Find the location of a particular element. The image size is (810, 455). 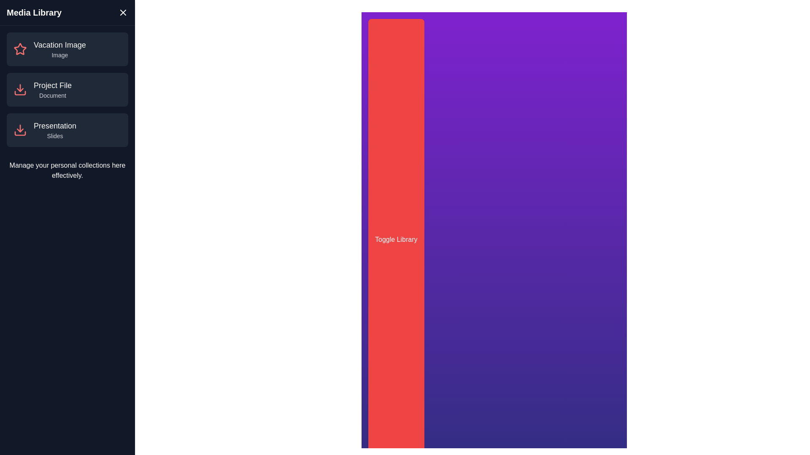

the media item named Vacation Image from the list is located at coordinates (67, 49).